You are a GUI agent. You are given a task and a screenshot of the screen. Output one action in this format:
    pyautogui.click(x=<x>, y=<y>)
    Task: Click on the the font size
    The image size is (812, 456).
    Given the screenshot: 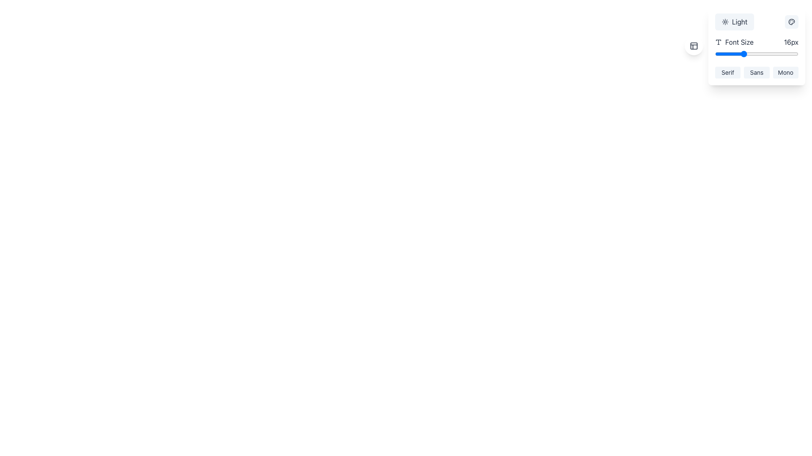 What is the action you would take?
    pyautogui.click(x=735, y=54)
    